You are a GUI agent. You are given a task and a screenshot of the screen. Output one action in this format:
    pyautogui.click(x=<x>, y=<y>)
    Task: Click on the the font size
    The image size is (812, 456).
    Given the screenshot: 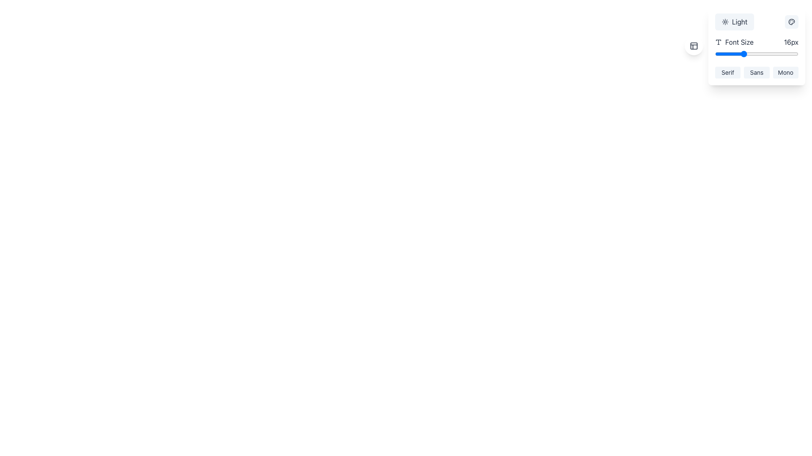 What is the action you would take?
    pyautogui.click(x=735, y=54)
    